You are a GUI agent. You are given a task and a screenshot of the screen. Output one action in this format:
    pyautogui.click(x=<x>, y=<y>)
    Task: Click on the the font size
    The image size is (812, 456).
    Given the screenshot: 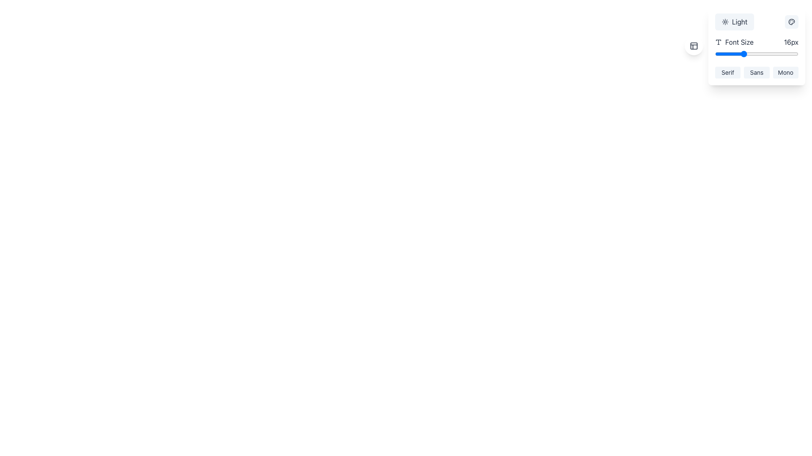 What is the action you would take?
    pyautogui.click(x=735, y=54)
    